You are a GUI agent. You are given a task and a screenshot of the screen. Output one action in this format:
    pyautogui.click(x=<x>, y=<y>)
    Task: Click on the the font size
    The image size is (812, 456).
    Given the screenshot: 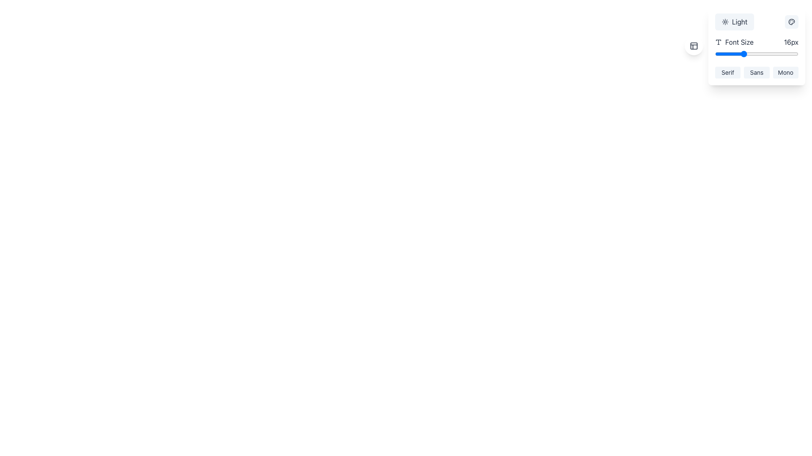 What is the action you would take?
    pyautogui.click(x=735, y=54)
    